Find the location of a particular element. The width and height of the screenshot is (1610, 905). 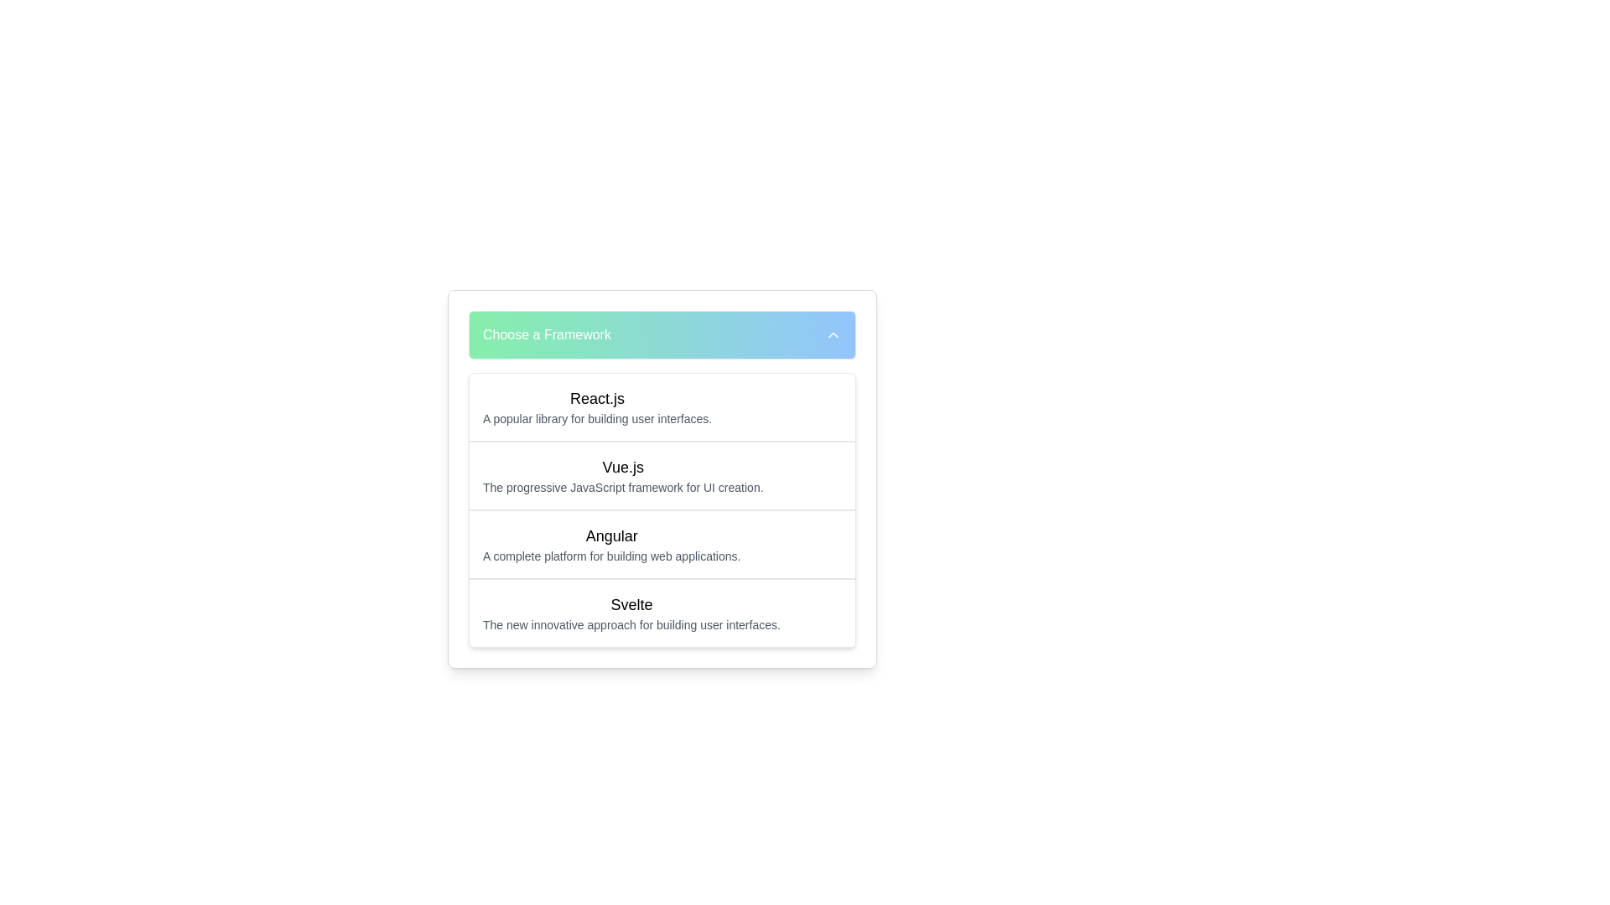

the second entry in the 'Choose a Framework' selection menu, which introduces the Vue.js library and provides a brief description of its purpose and use case is located at coordinates (622, 475).